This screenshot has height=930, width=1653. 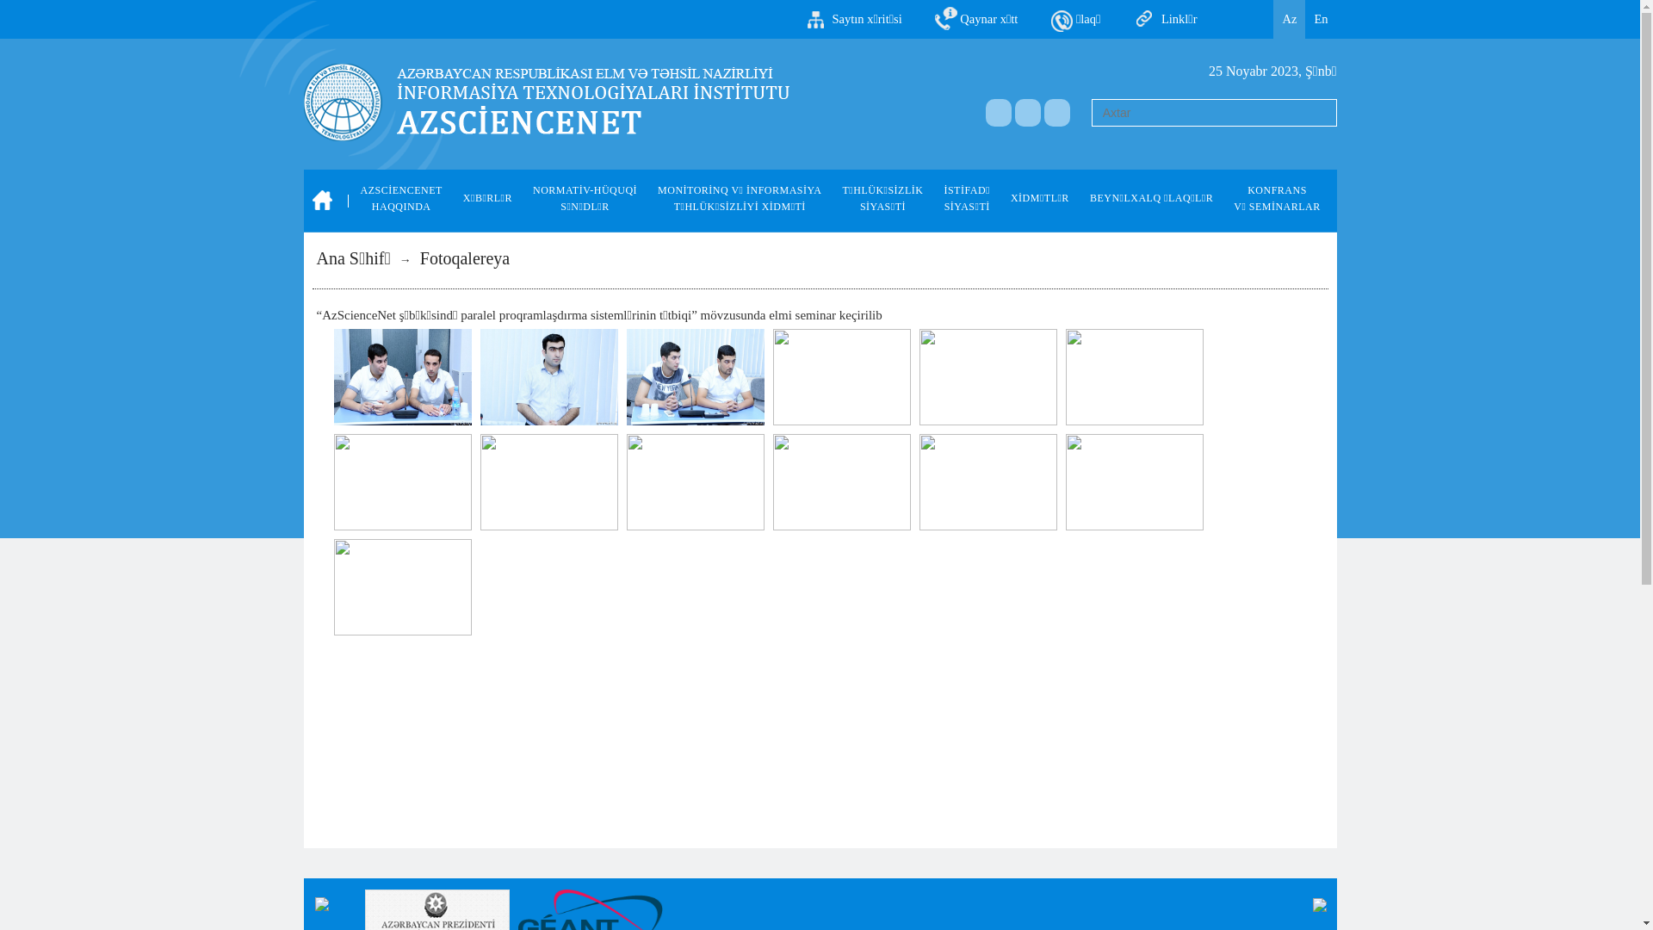 What do you see at coordinates (1015, 113) in the screenshot?
I see `'a'` at bounding box center [1015, 113].